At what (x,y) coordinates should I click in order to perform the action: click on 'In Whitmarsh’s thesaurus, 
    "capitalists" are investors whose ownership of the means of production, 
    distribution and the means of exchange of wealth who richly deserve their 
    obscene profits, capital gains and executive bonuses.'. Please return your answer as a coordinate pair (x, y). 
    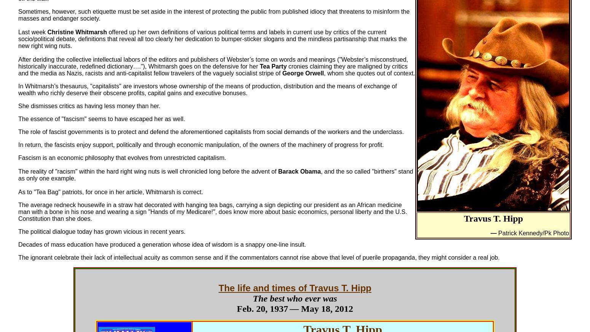
    Looking at the image, I should click on (207, 89).